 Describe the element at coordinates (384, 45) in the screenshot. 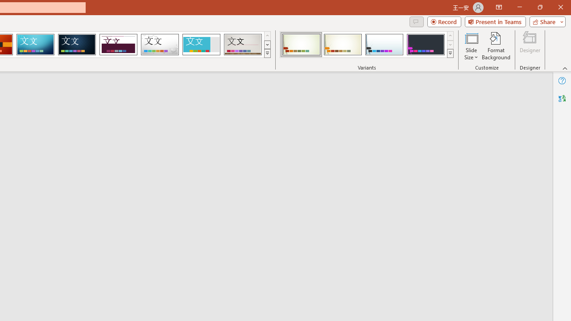

I see `'Wisp Variant 3'` at that location.